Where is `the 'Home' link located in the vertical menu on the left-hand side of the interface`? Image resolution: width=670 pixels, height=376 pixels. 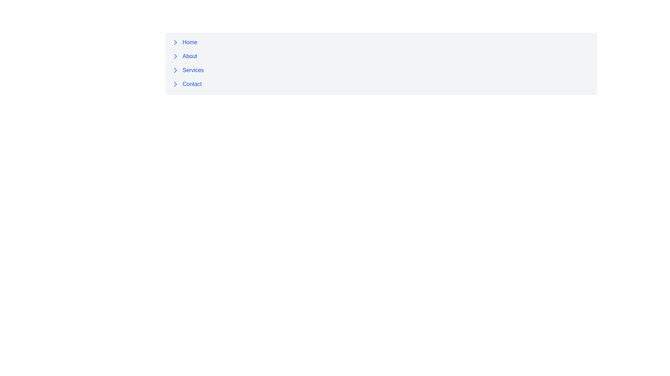 the 'Home' link located in the vertical menu on the left-hand side of the interface is located at coordinates (190, 42).